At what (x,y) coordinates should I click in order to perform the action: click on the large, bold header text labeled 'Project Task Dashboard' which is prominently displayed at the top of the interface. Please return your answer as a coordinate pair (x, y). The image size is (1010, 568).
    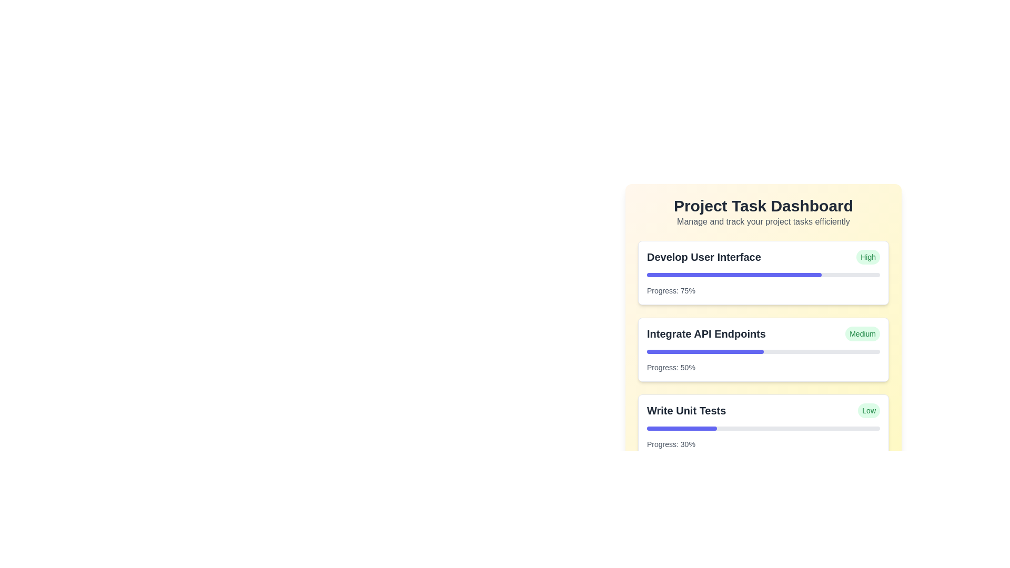
    Looking at the image, I should click on (763, 206).